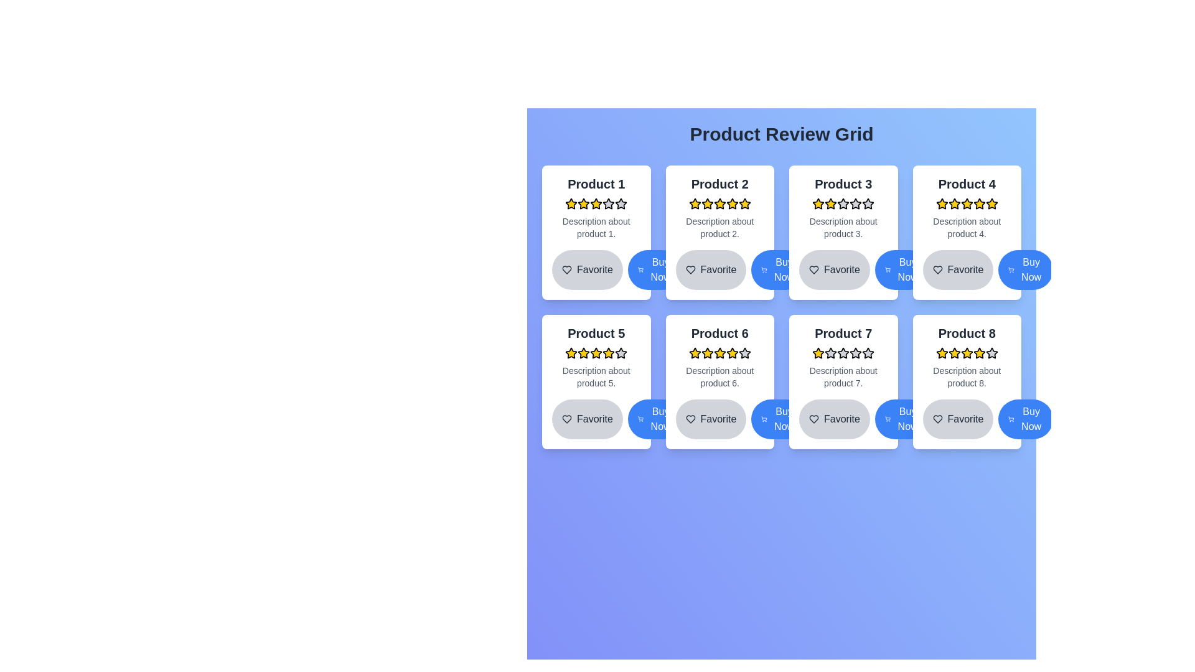  Describe the element at coordinates (719, 353) in the screenshot. I see `the graphical icon representing a partial rating star for 'Product 6', located in the second row, third column of the product review grid` at that location.